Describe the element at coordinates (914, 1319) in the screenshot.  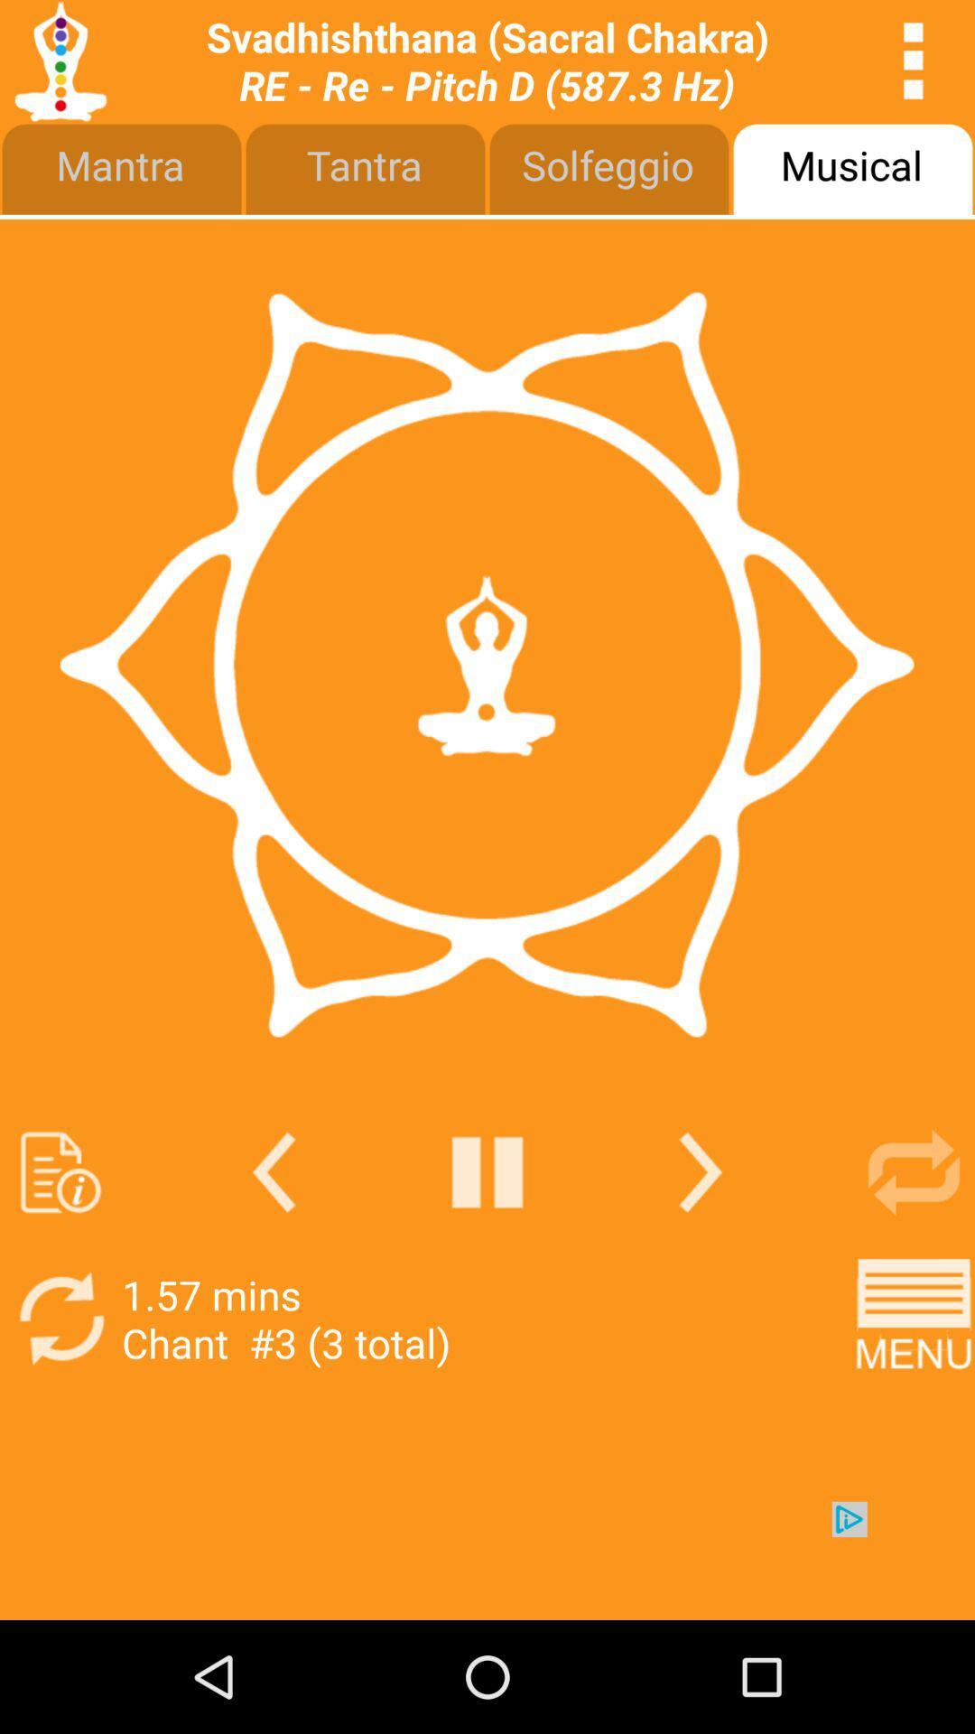
I see `menu` at that location.